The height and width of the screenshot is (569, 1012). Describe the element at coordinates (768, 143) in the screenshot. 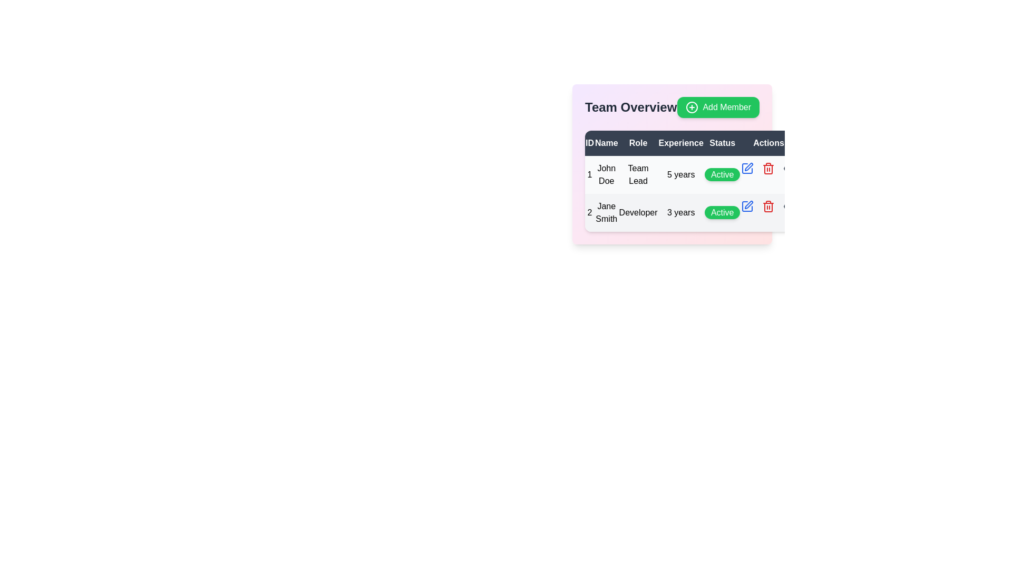

I see `the text label reading 'Actions', which is styled with a bold white font on a dark background and is the last label in a horizontal header row` at that location.